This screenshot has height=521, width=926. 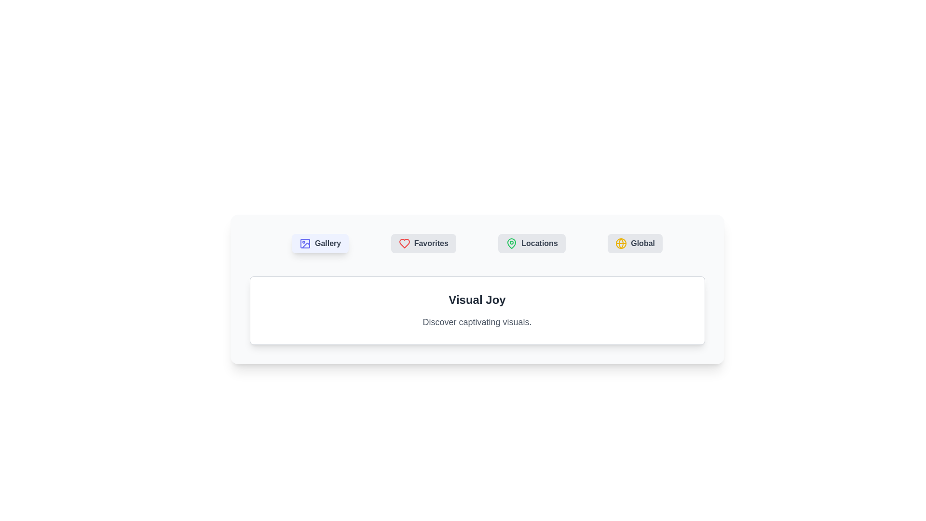 I want to click on the icon of the button labeled Gallery, so click(x=305, y=243).